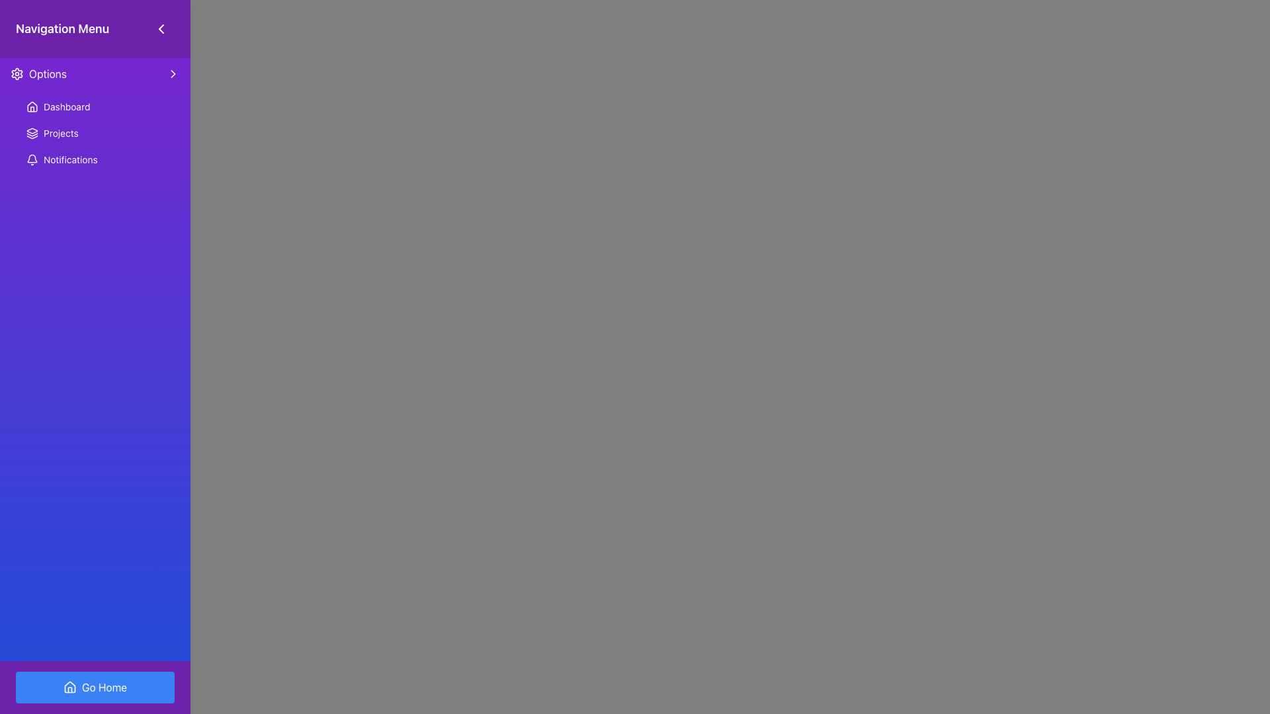 This screenshot has height=714, width=1270. What do you see at coordinates (95, 133) in the screenshot?
I see `the button that serves as a navigation menu option for accessing the projects section, located in the sidebar between the 'Dashboard' and 'Notifications' menu items` at bounding box center [95, 133].